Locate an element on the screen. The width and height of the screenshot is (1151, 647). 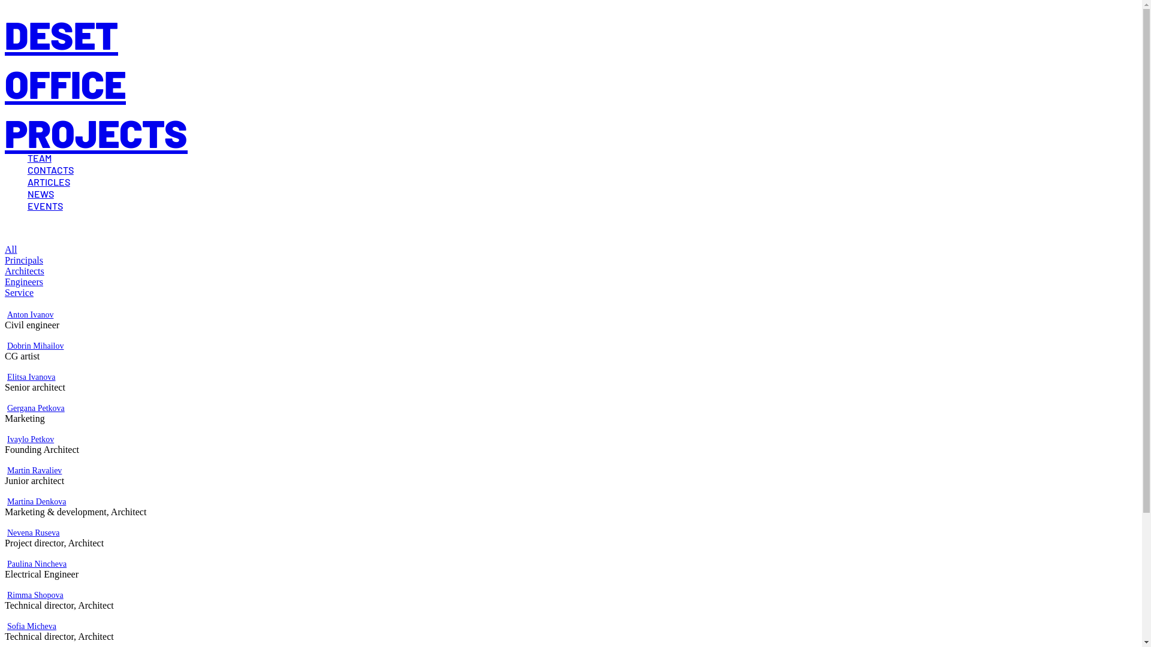
'Gergana Petkova' is located at coordinates (35, 407).